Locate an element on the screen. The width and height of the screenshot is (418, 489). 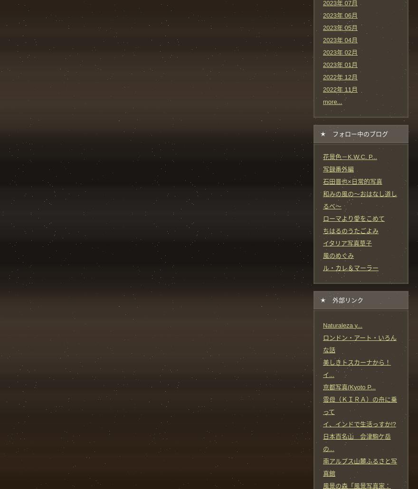
'Naturaleza y...' is located at coordinates (322, 324).